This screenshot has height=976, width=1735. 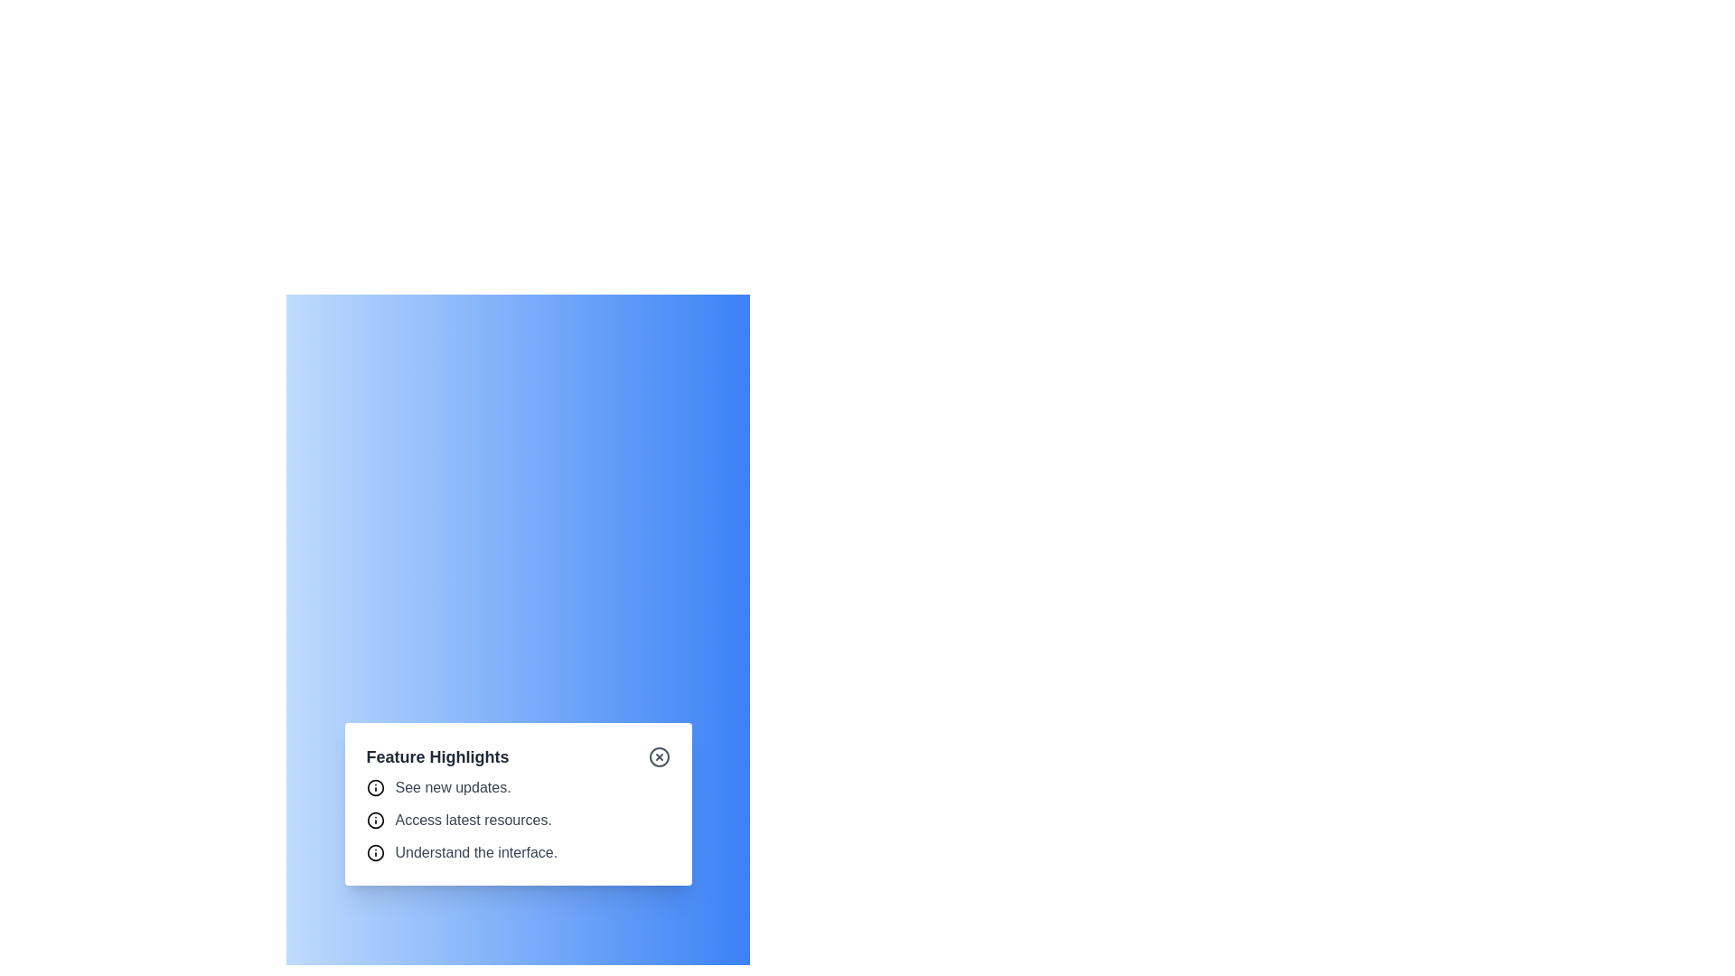 What do you see at coordinates (476, 853) in the screenshot?
I see `the third text label under the 'Feature Highlights' heading, which includes an icon to its left` at bounding box center [476, 853].